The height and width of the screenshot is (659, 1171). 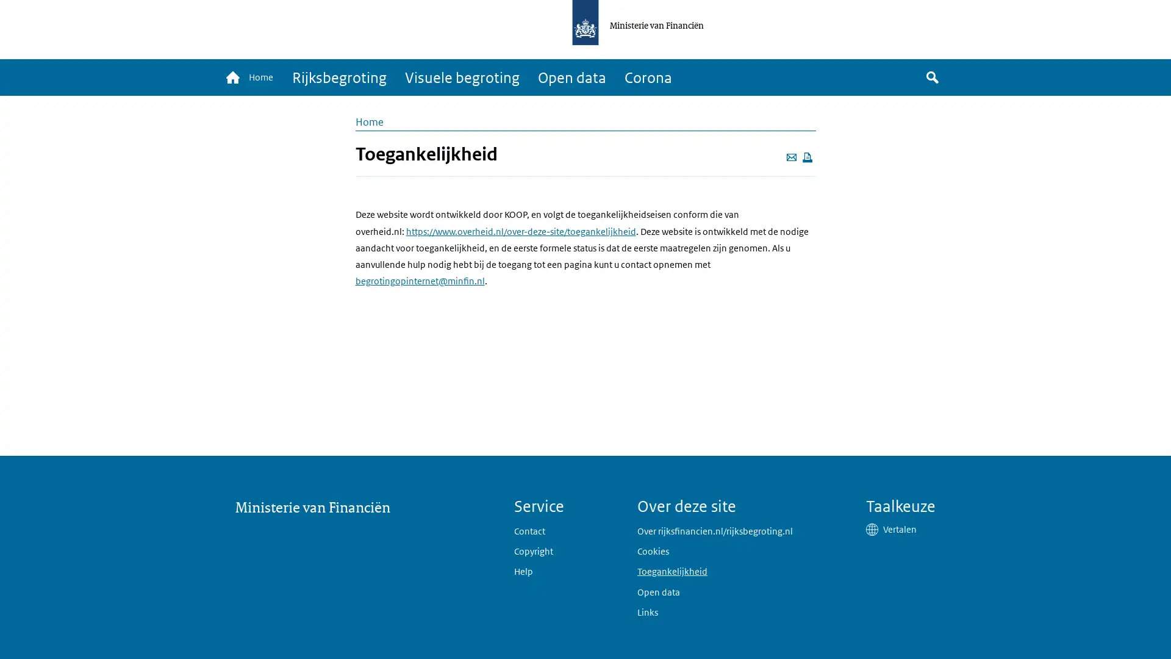 What do you see at coordinates (901, 528) in the screenshot?
I see `Vertalen` at bounding box center [901, 528].